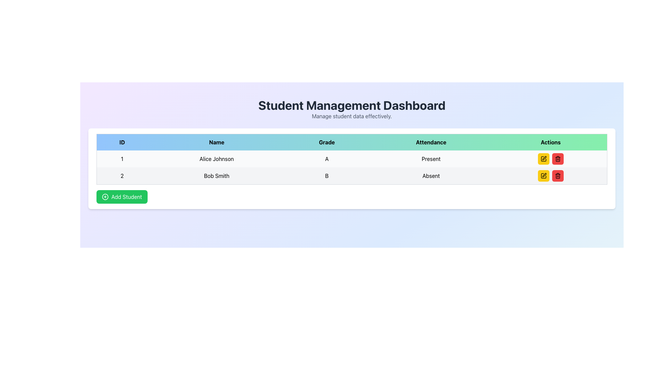  What do you see at coordinates (558, 176) in the screenshot?
I see `the delete icon button located in the second row of the table under the 'Actions' column` at bounding box center [558, 176].